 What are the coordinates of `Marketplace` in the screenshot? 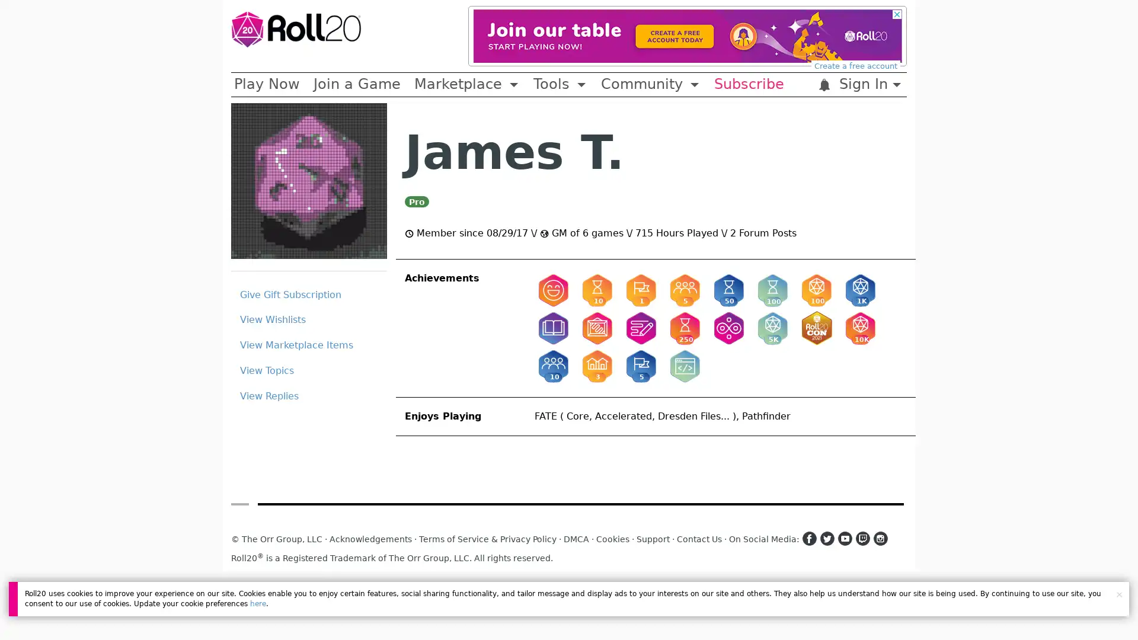 It's located at (457, 84).